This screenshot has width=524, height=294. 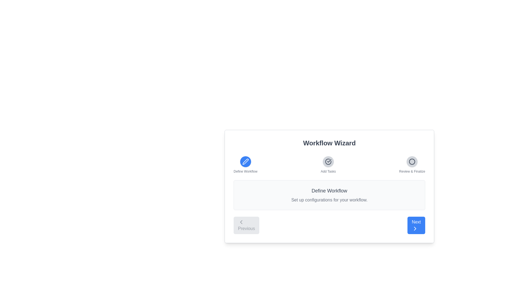 I want to click on the 'Define Workflow' button, which is the first step in the workflow setup, centrally aligned above the 'Define Workflow' label, so click(x=245, y=161).